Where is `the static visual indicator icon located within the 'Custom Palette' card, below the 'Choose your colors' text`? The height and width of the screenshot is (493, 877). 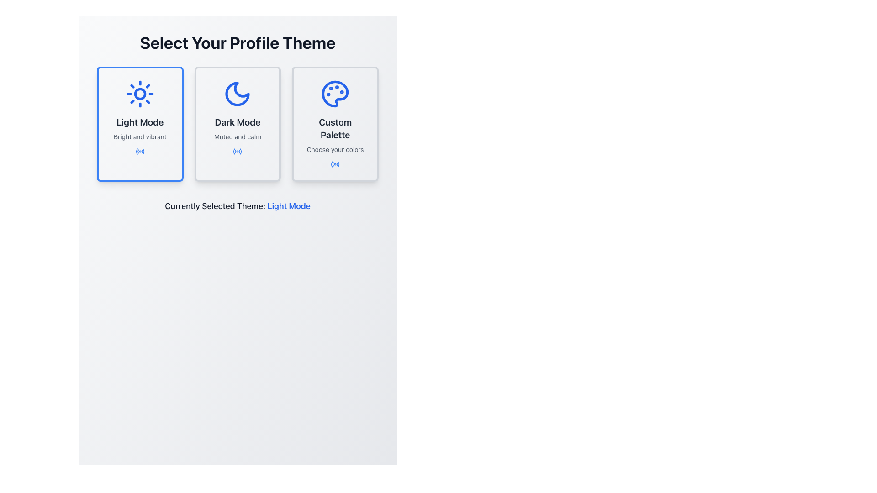
the static visual indicator icon located within the 'Custom Palette' card, below the 'Choose your colors' text is located at coordinates (335, 163).